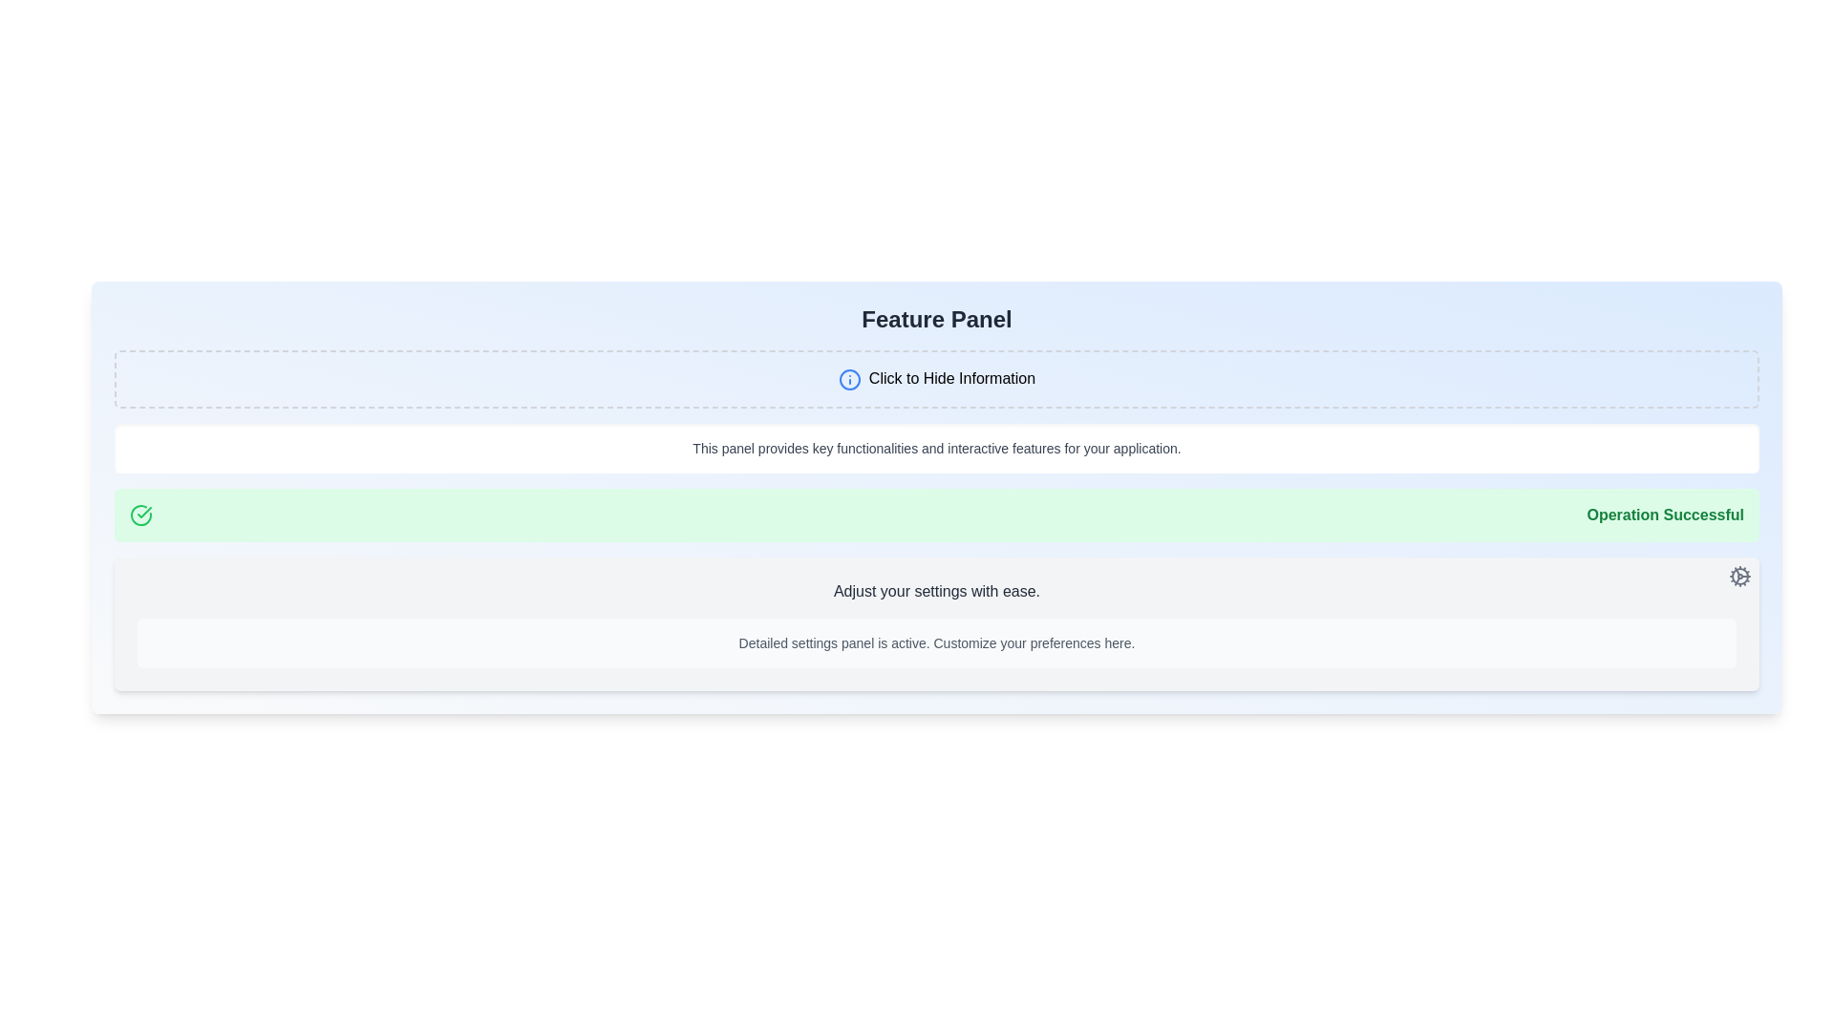 The width and height of the screenshot is (1834, 1031). Describe the element at coordinates (143, 511) in the screenshot. I see `the center of the SVG graphic of a checkmark within a circle, which indicates a successful operation in the green notification bar` at that location.